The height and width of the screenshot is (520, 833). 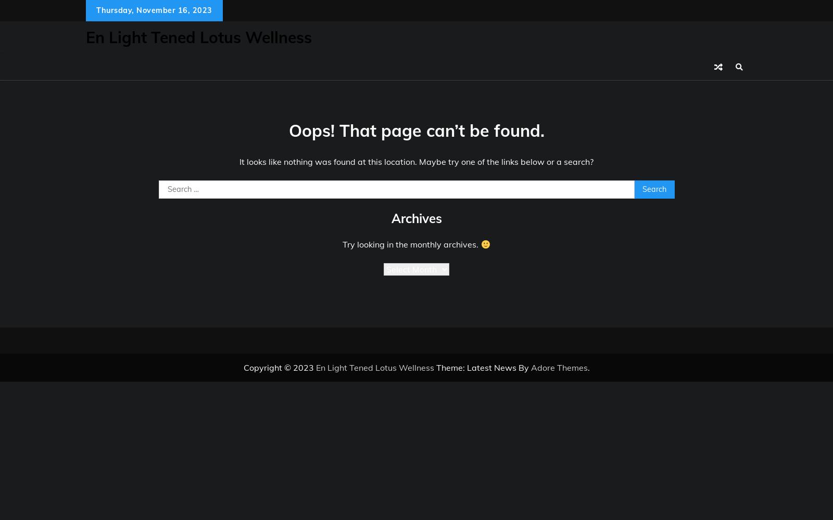 I want to click on 'Oops! That page can’t be found.', so click(x=416, y=130).